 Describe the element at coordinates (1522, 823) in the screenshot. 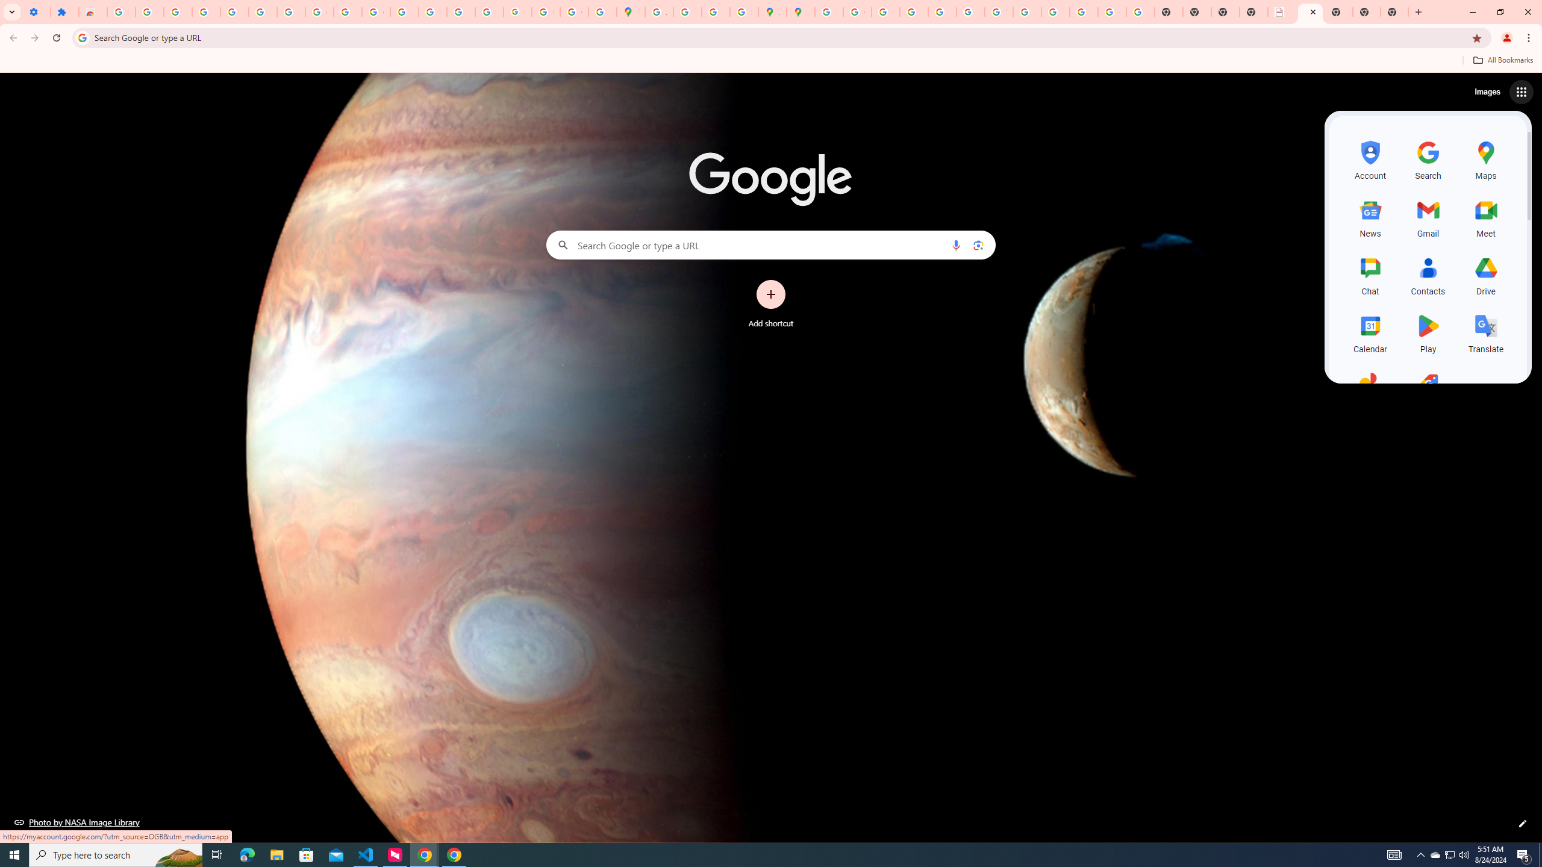

I see `'Customize this page'` at that location.